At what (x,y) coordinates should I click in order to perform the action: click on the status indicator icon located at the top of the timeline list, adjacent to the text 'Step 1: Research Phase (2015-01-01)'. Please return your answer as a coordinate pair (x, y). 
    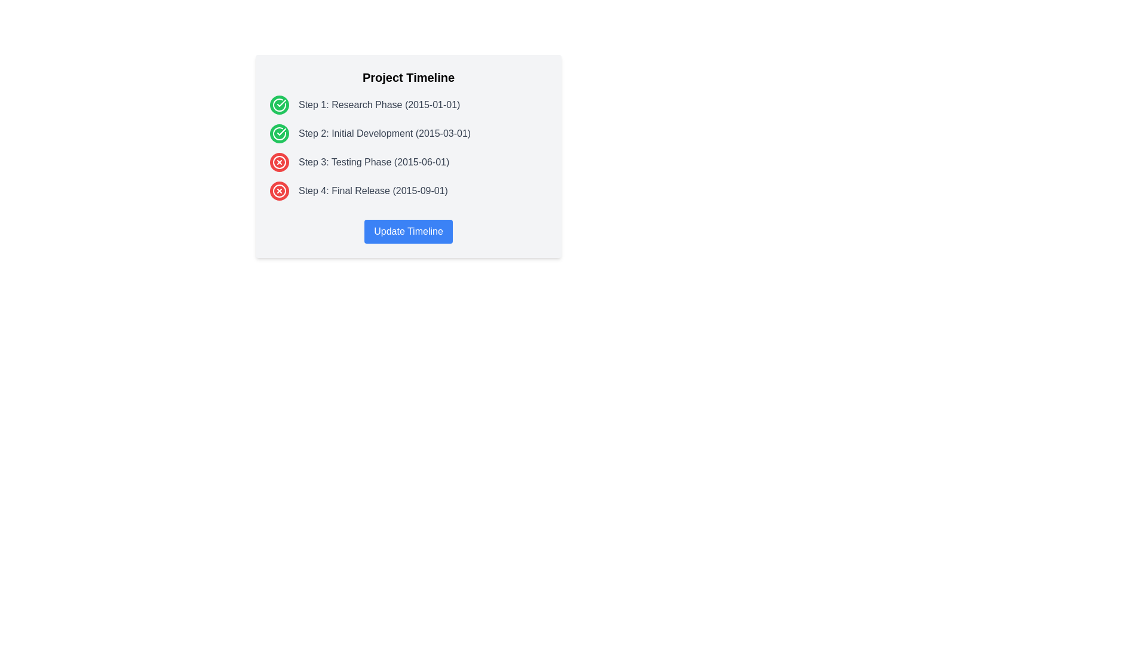
    Looking at the image, I should click on (278, 105).